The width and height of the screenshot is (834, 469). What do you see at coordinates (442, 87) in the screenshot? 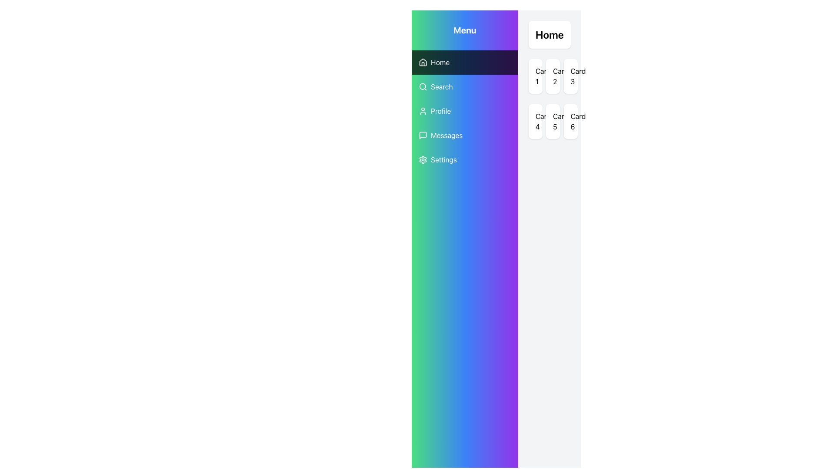
I see `the 'Search' text label located` at bounding box center [442, 87].